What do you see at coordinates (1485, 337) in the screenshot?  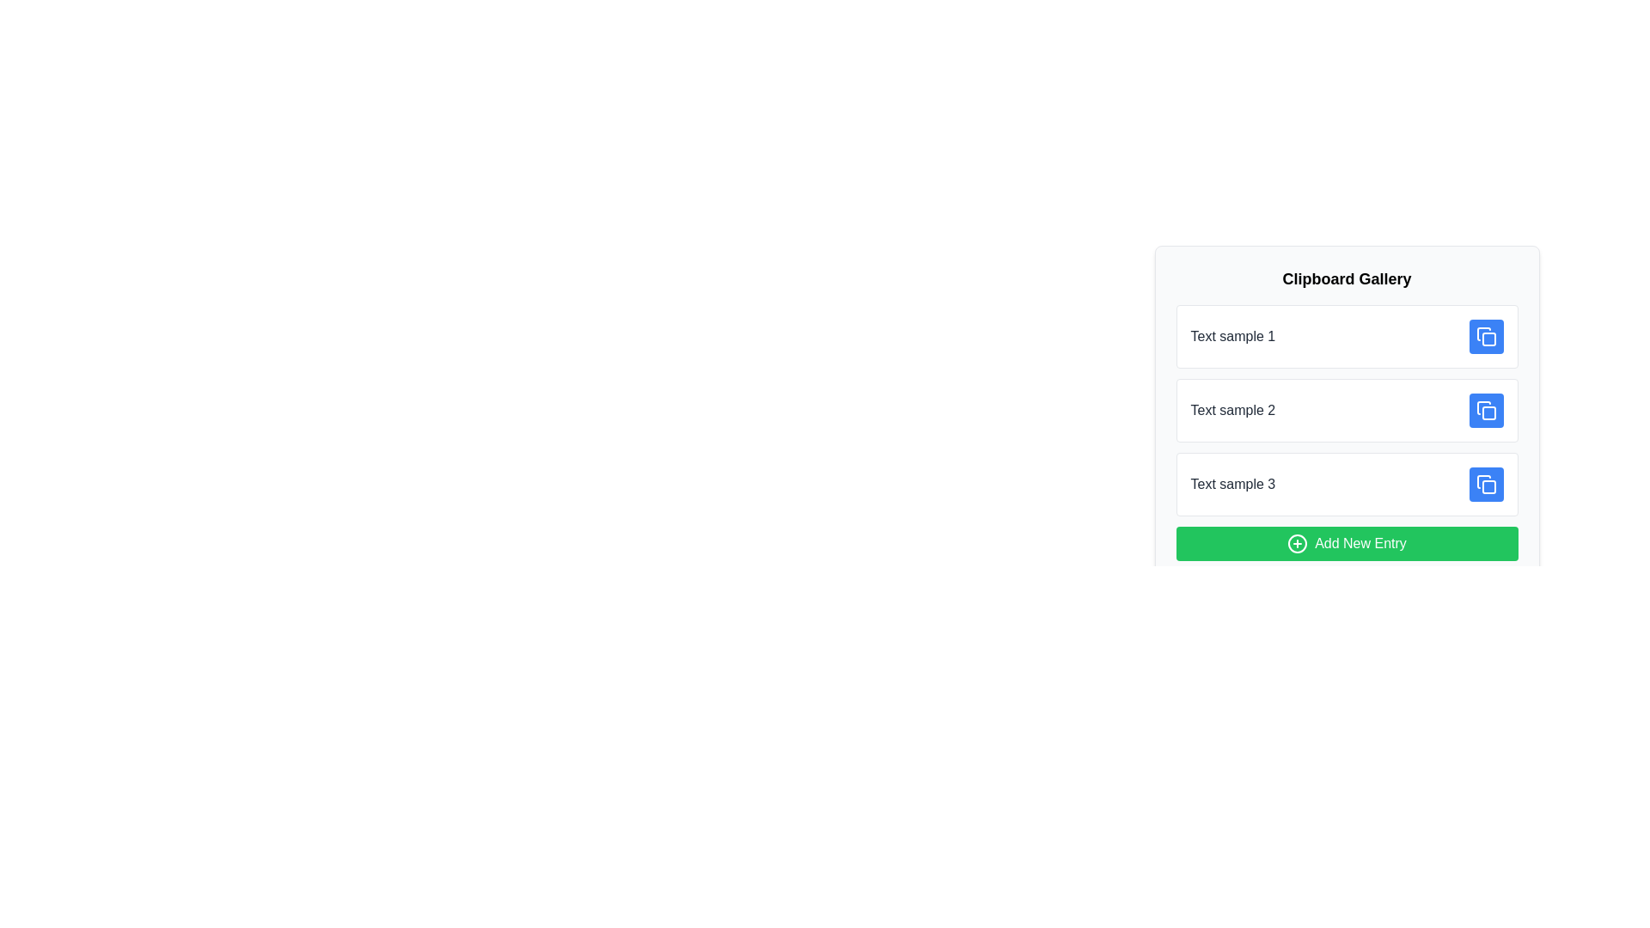 I see `the button containing an icon located to the far-right of the row associated with 'Text sample 1'` at bounding box center [1485, 337].